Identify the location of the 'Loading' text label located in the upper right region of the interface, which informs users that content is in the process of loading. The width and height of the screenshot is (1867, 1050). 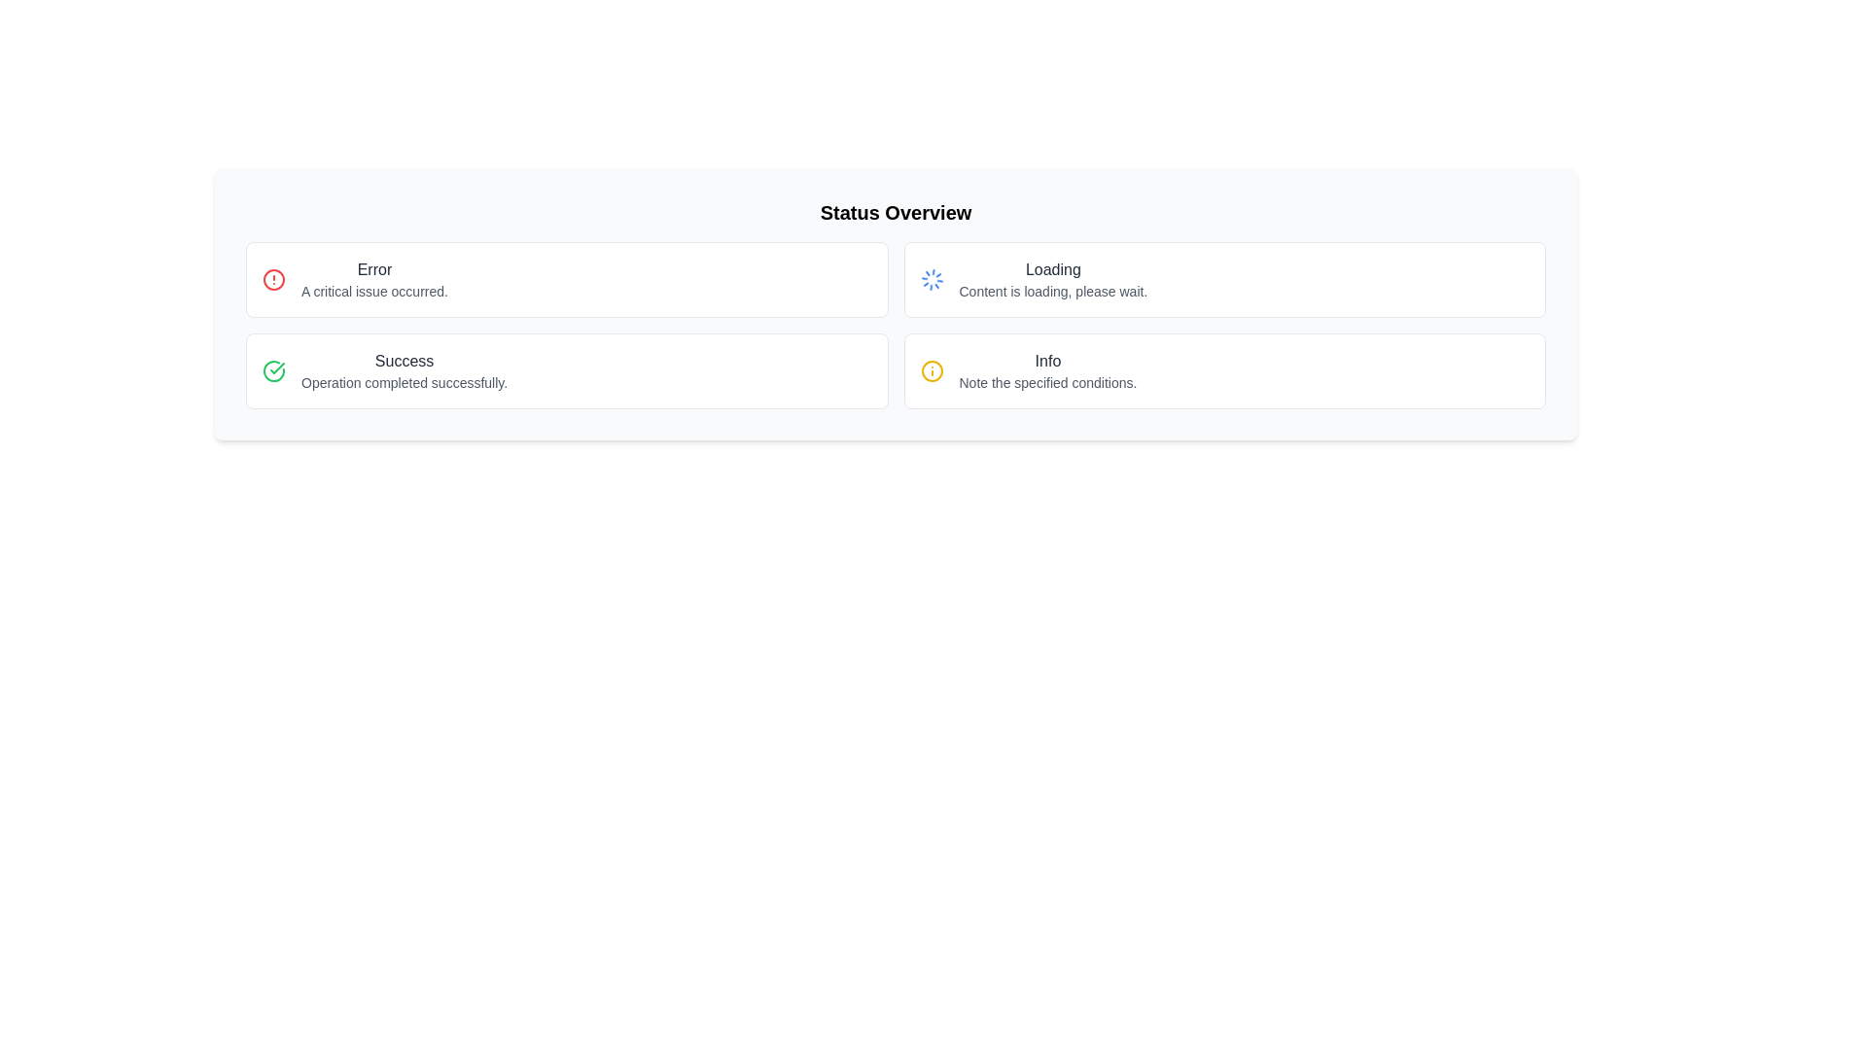
(1052, 292).